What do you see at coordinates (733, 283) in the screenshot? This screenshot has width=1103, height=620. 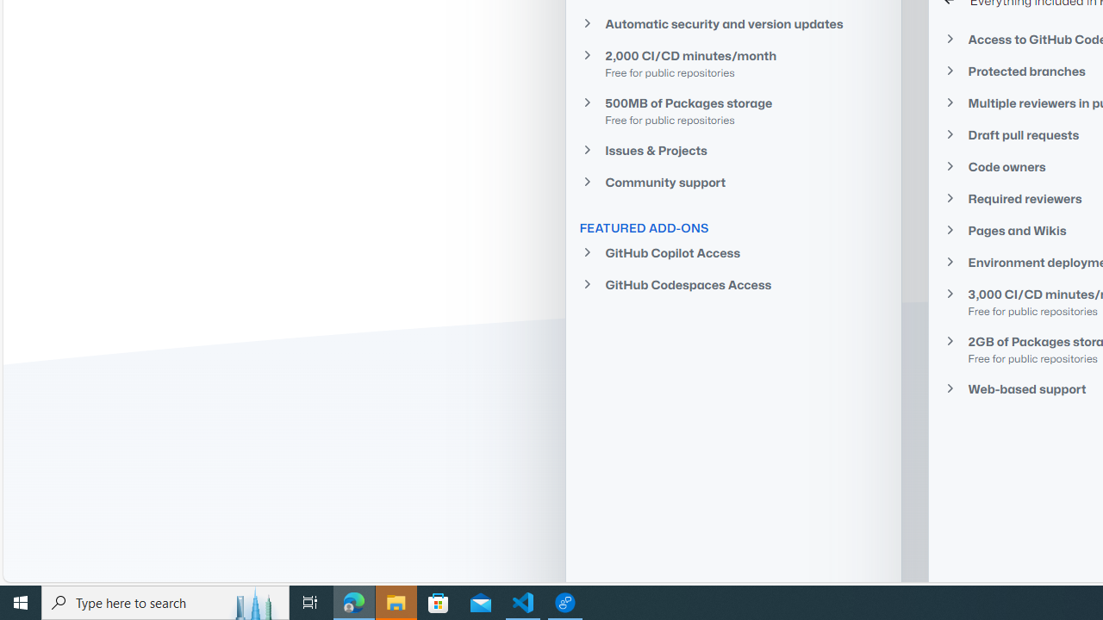 I see `'GitHub Codespaces Access'` at bounding box center [733, 283].